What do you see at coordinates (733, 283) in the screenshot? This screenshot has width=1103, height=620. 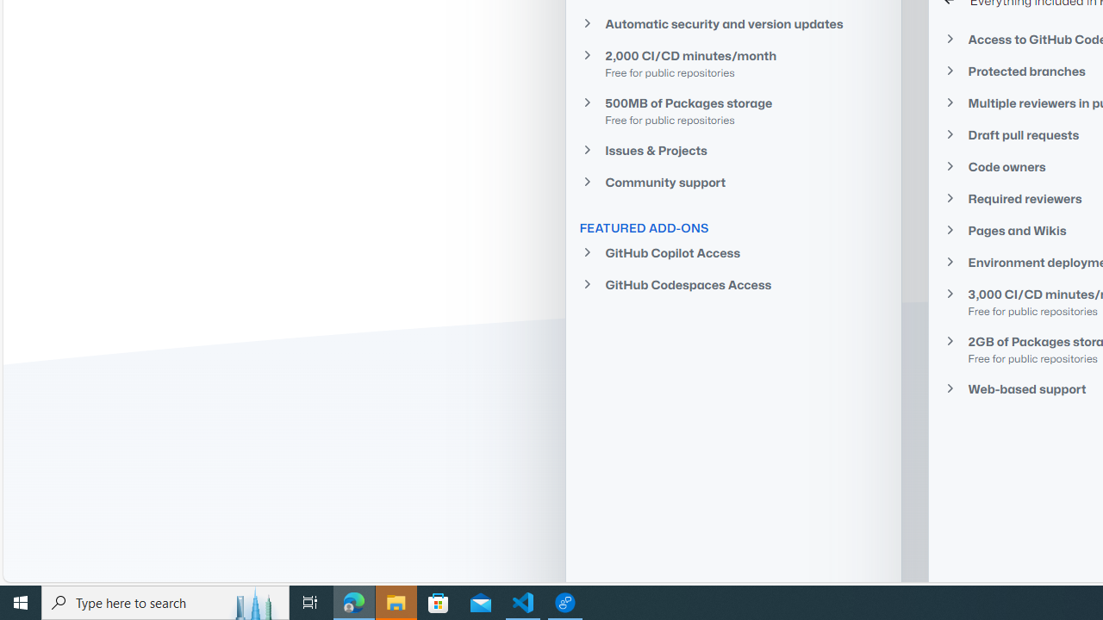 I see `'GitHub Codespaces Access'` at bounding box center [733, 283].